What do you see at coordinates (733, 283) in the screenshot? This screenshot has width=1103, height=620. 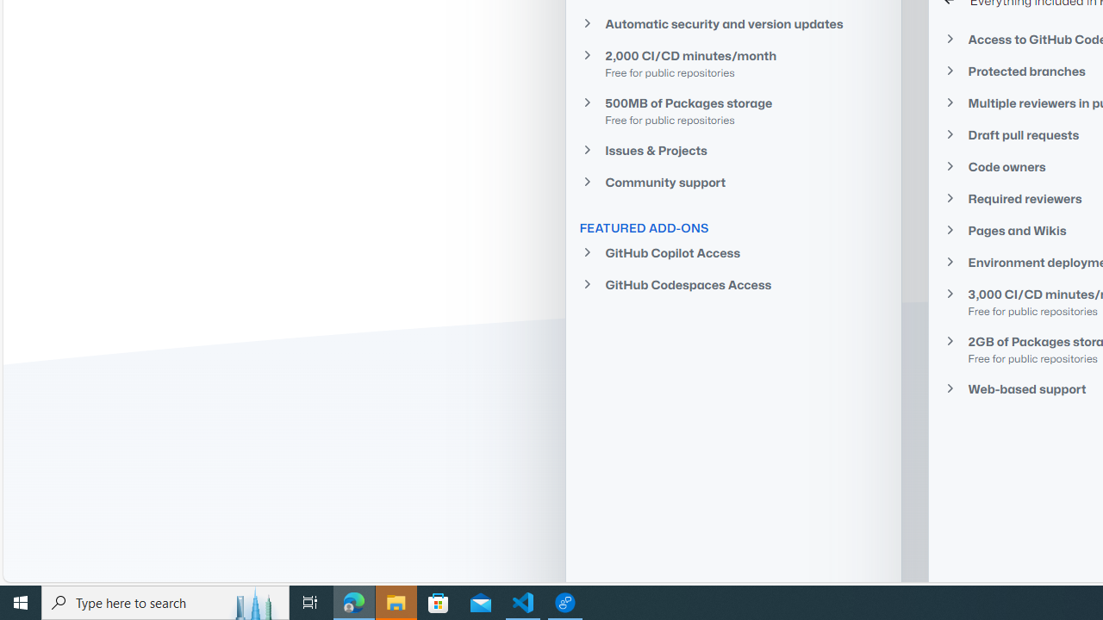 I see `'GitHub Codespaces Access'` at bounding box center [733, 283].